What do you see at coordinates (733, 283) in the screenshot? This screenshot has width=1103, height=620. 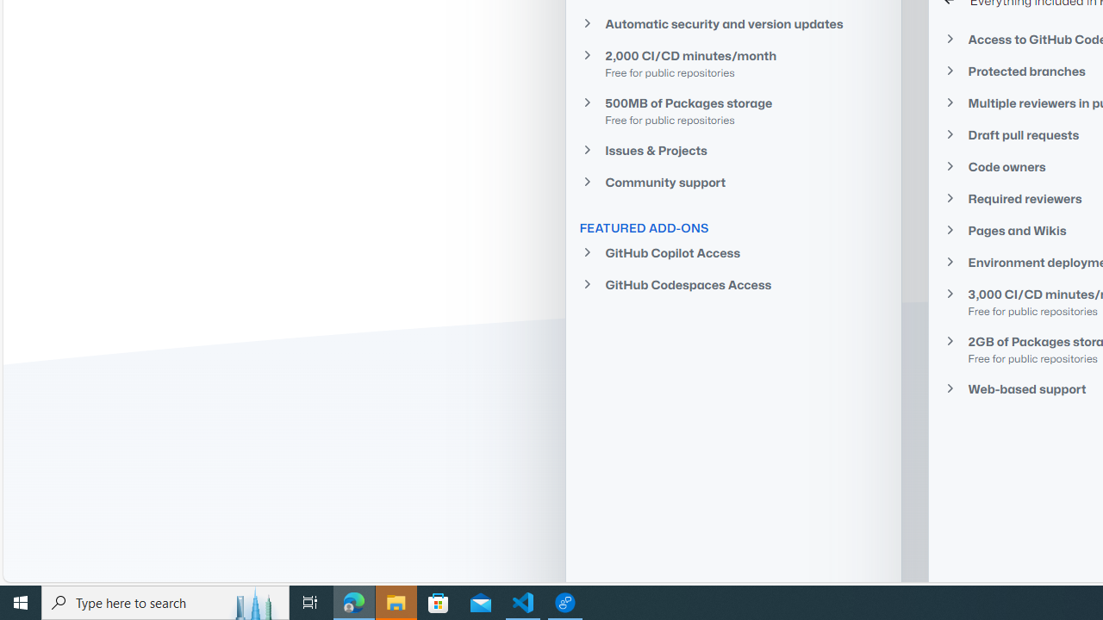 I see `'GitHub Codespaces Access'` at bounding box center [733, 283].